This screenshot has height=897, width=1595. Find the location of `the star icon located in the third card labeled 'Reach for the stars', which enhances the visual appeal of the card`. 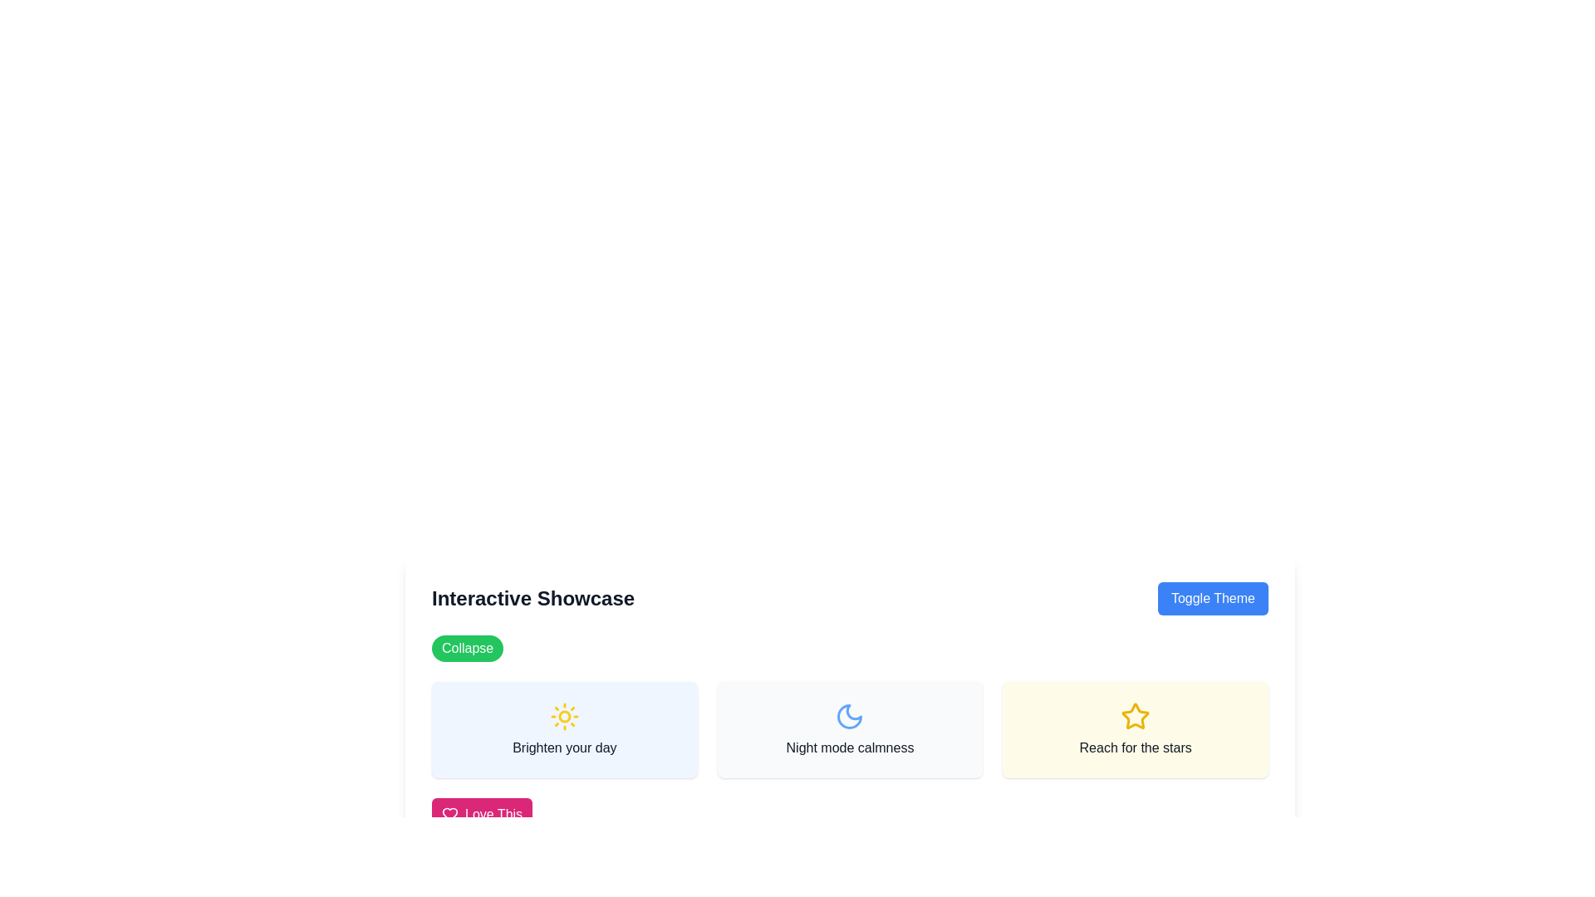

the star icon located in the third card labeled 'Reach for the stars', which enhances the visual appeal of the card is located at coordinates (1135, 715).